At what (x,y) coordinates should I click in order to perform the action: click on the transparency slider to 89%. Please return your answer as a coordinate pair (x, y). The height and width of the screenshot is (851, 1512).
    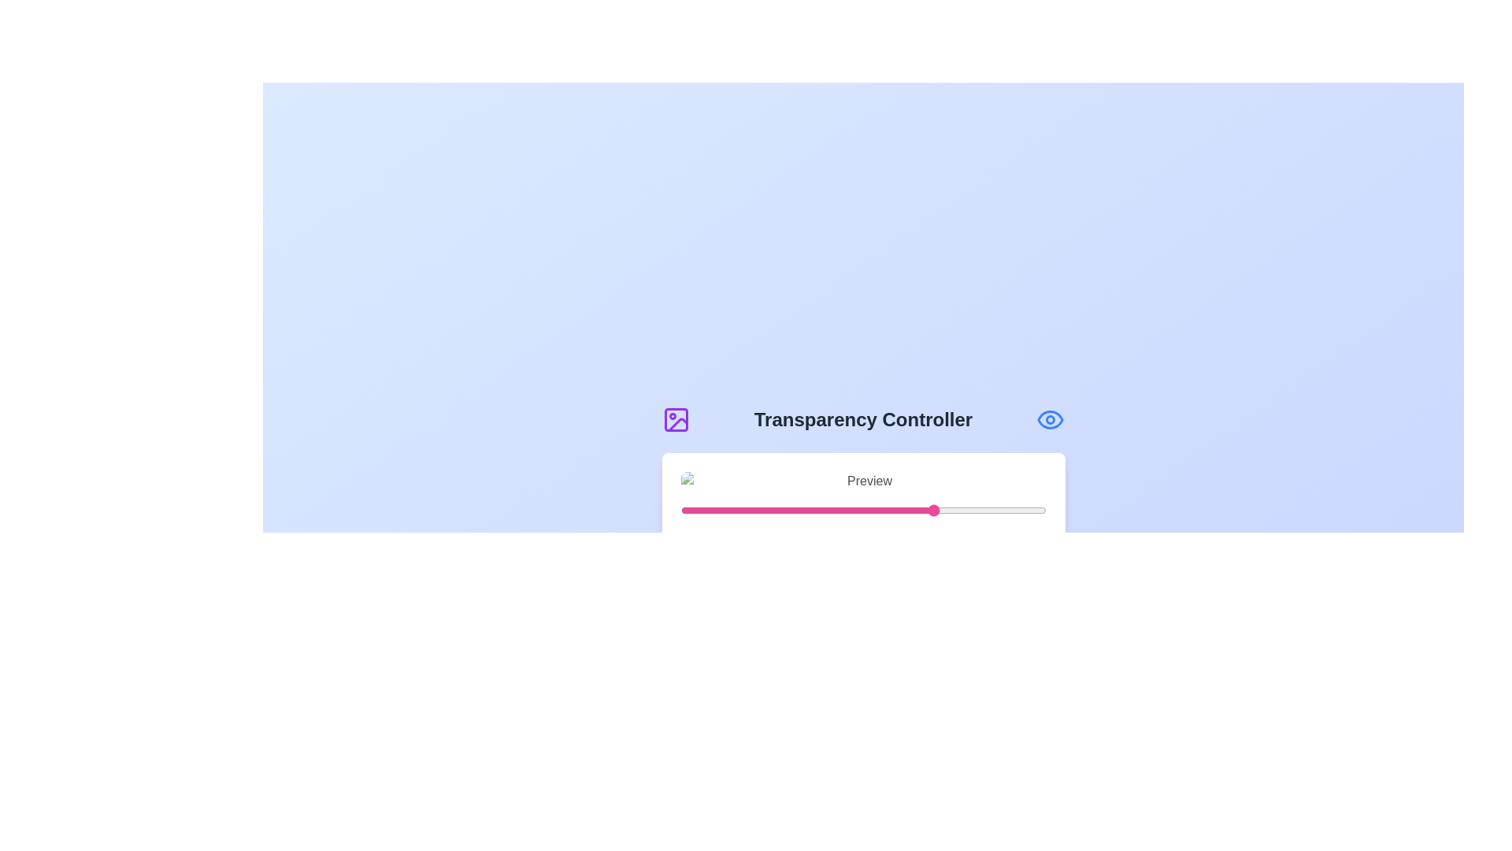
    Looking at the image, I should click on (1005, 511).